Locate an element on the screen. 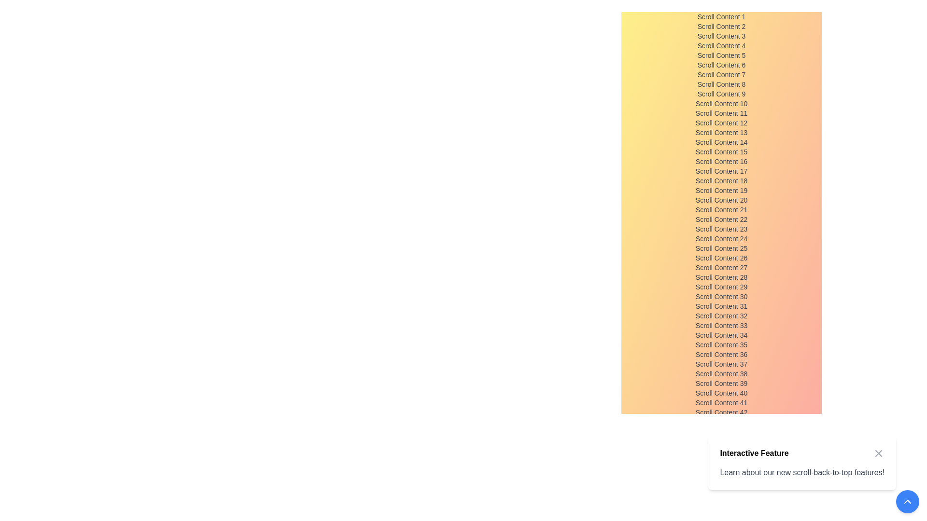 This screenshot has width=927, height=521. the Text label that displays a piece of textual information, positioned as the 21st item in a vertically scrollable list, serving as a visual cue for navigation or reference is located at coordinates (721, 209).